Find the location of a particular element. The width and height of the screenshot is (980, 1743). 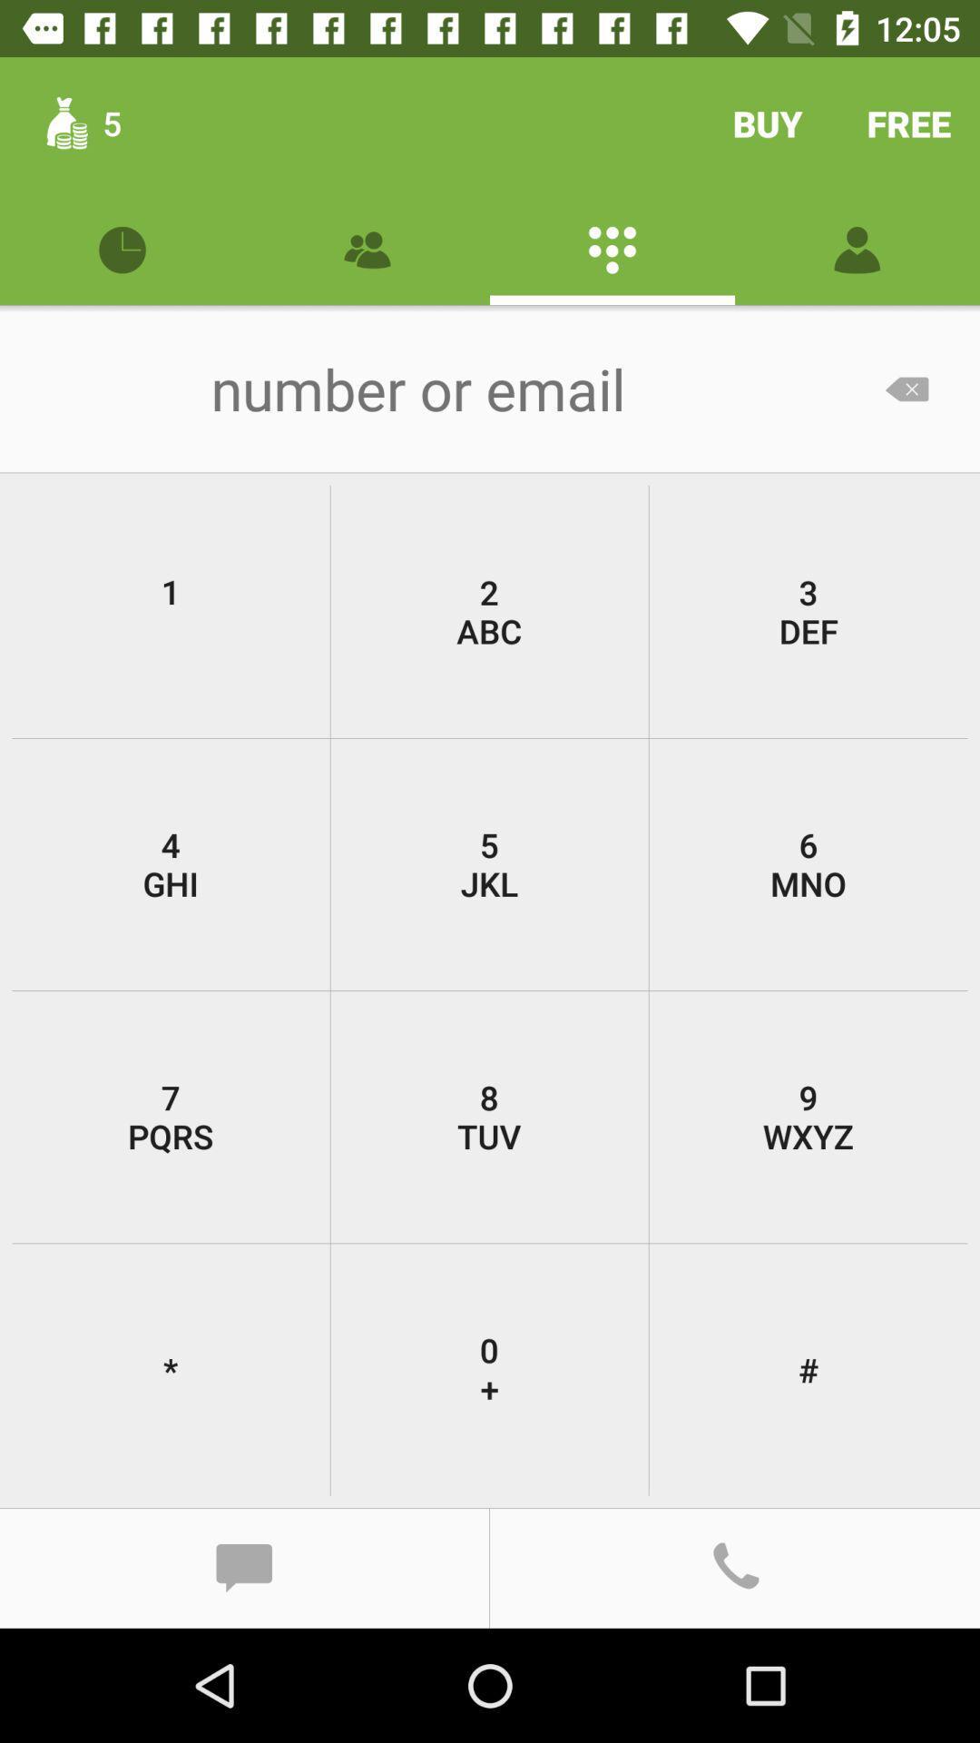

item below 1 is located at coordinates (488, 863).